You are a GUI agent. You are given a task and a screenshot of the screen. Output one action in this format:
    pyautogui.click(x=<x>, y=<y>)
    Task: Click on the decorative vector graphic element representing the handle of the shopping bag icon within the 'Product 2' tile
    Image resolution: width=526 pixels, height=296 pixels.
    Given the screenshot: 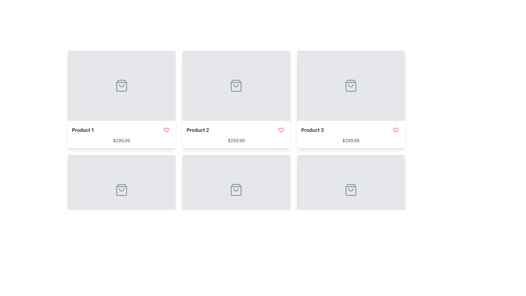 What is the action you would take?
    pyautogui.click(x=236, y=86)
    